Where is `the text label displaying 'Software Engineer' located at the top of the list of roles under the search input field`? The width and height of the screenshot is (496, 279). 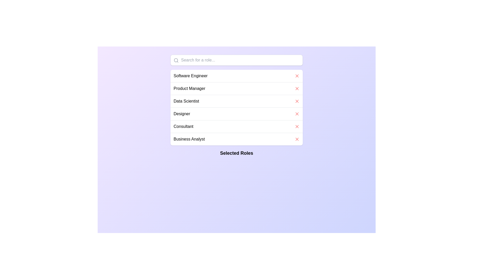
the text label displaying 'Software Engineer' located at the top of the list of roles under the search input field is located at coordinates (190, 76).